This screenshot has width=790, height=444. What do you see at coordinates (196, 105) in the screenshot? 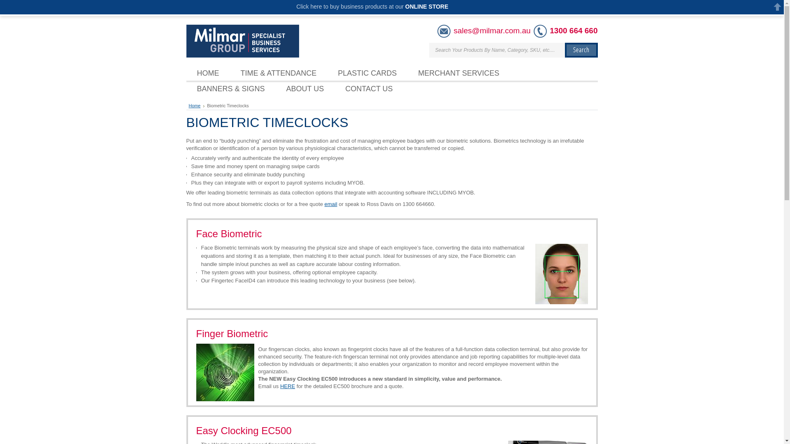
I see `'Home'` at bounding box center [196, 105].